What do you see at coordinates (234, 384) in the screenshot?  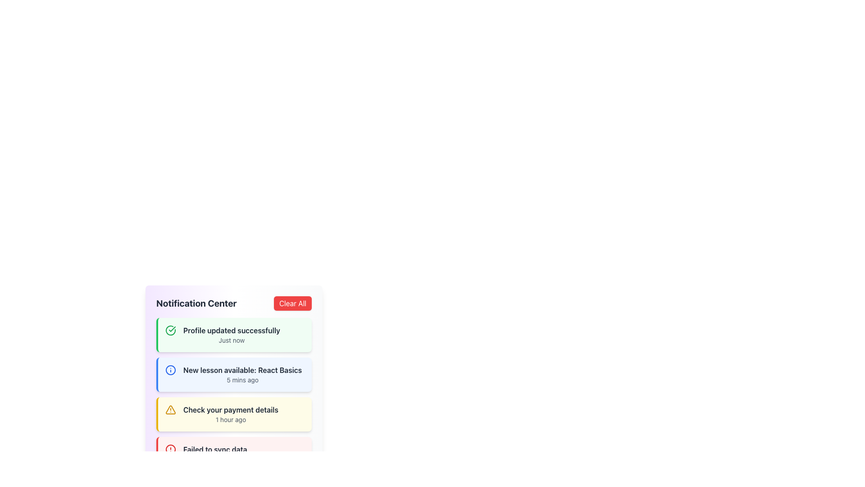 I see `the second notification card in the 'Notification Center'` at bounding box center [234, 384].